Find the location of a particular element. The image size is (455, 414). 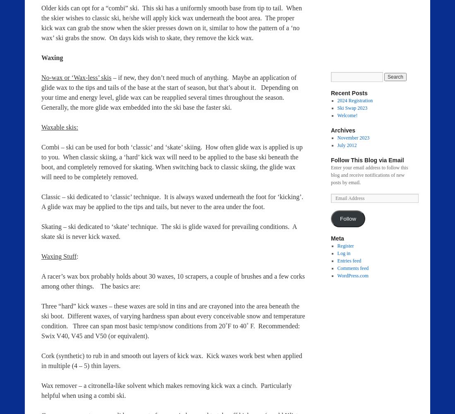

'Wax remover – a citronella-like solvent which makes removing kick wax a cinch.  Particularly helpful when using a combi ski.' is located at coordinates (166, 390).